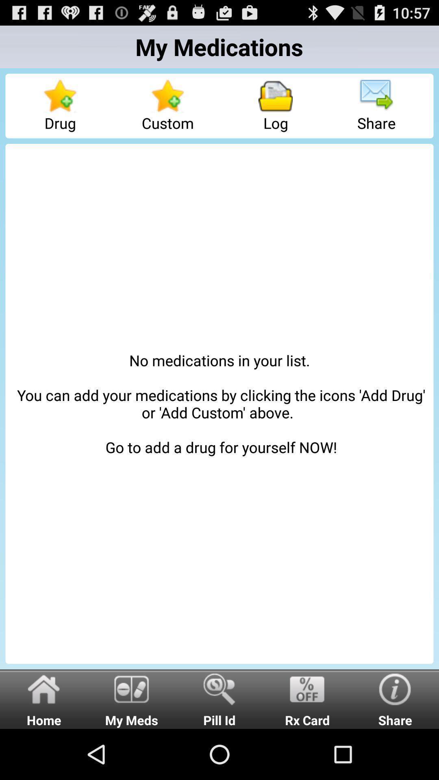  What do you see at coordinates (219, 698) in the screenshot?
I see `icon at the bottom` at bounding box center [219, 698].